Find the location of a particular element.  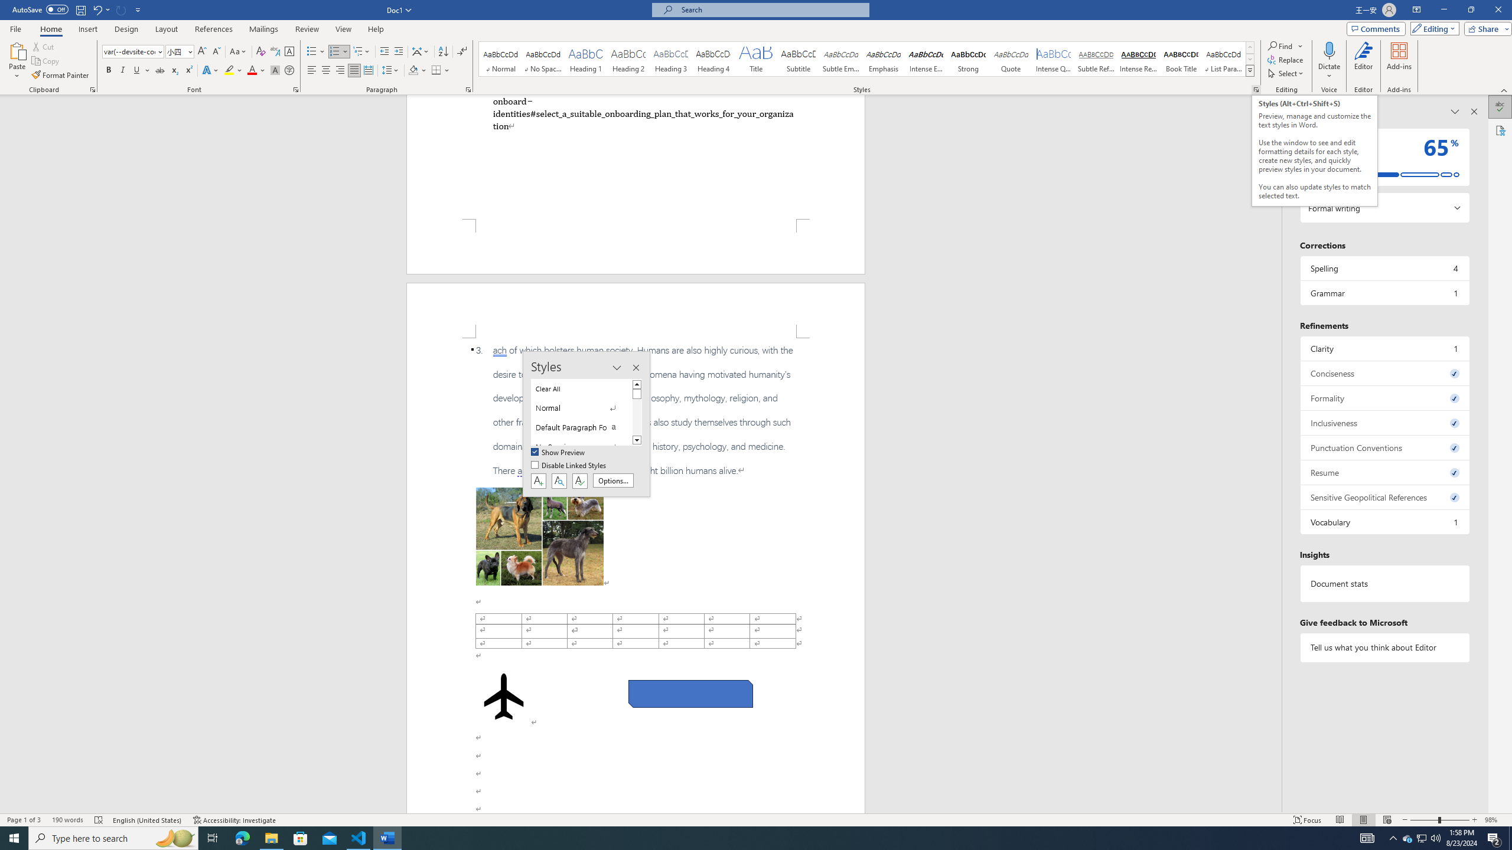

'Zoom Out' is located at coordinates (1423, 820).